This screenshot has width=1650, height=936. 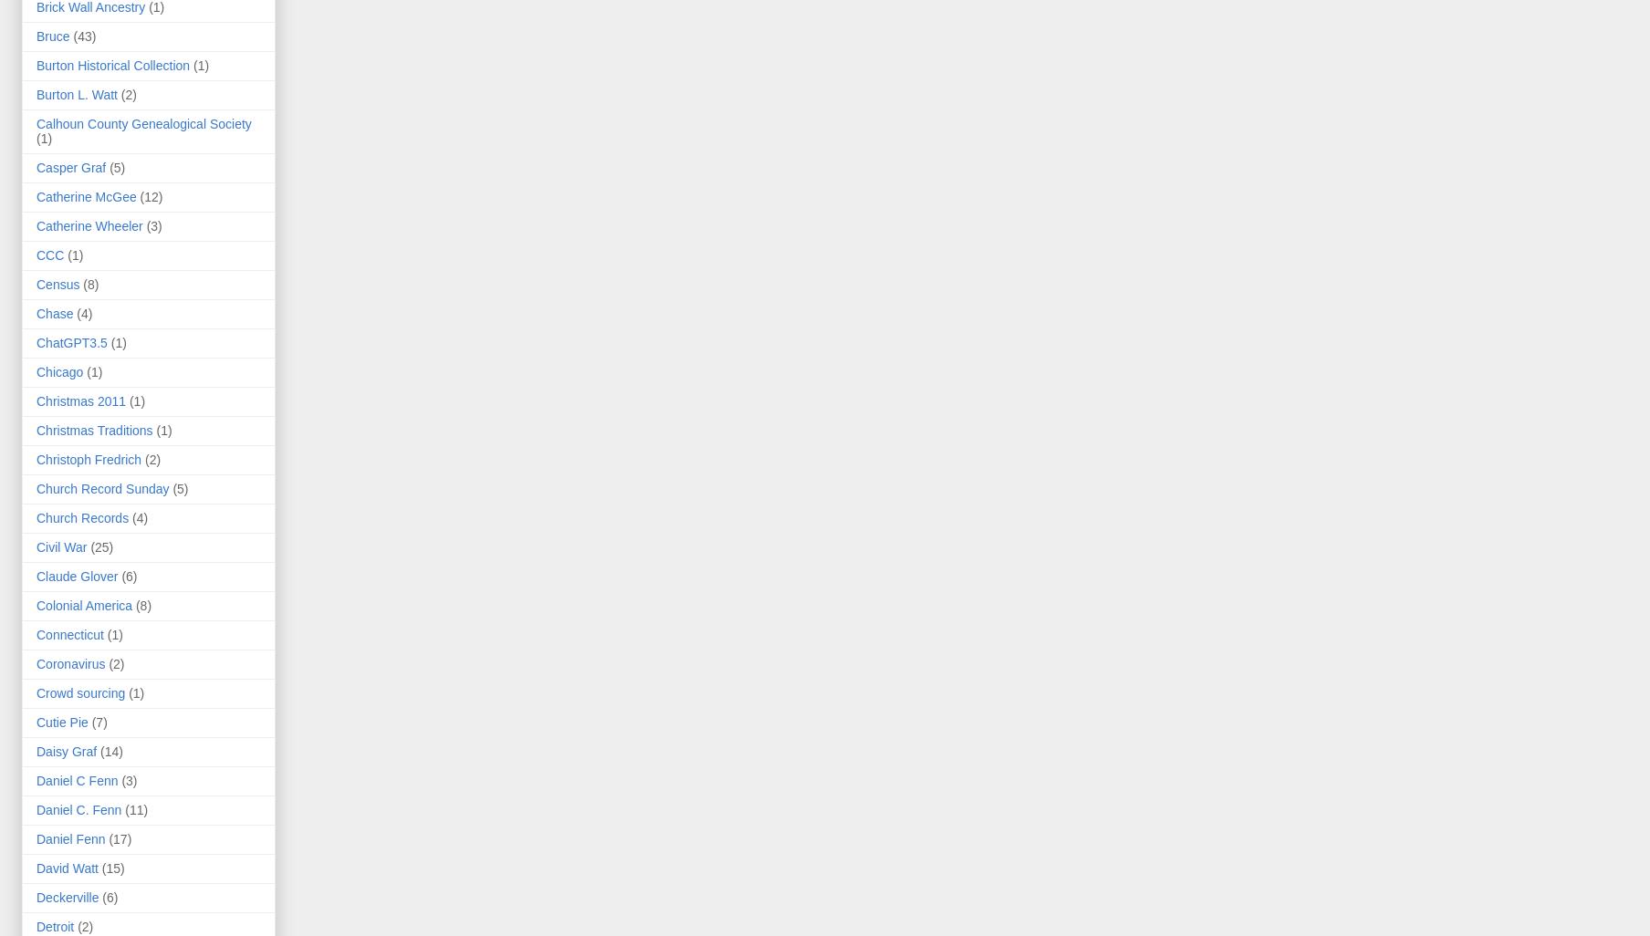 I want to click on 'Burton Historical Collection', so click(x=112, y=65).